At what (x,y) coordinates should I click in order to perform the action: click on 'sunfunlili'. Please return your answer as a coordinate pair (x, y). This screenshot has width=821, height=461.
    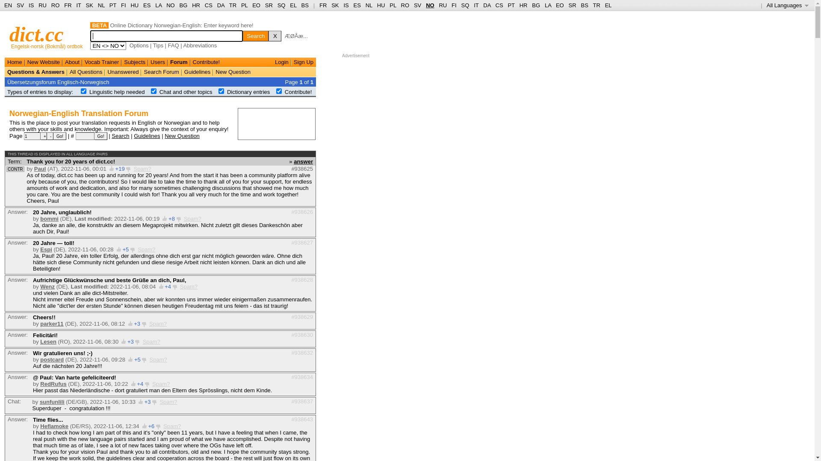
    Looking at the image, I should click on (39, 402).